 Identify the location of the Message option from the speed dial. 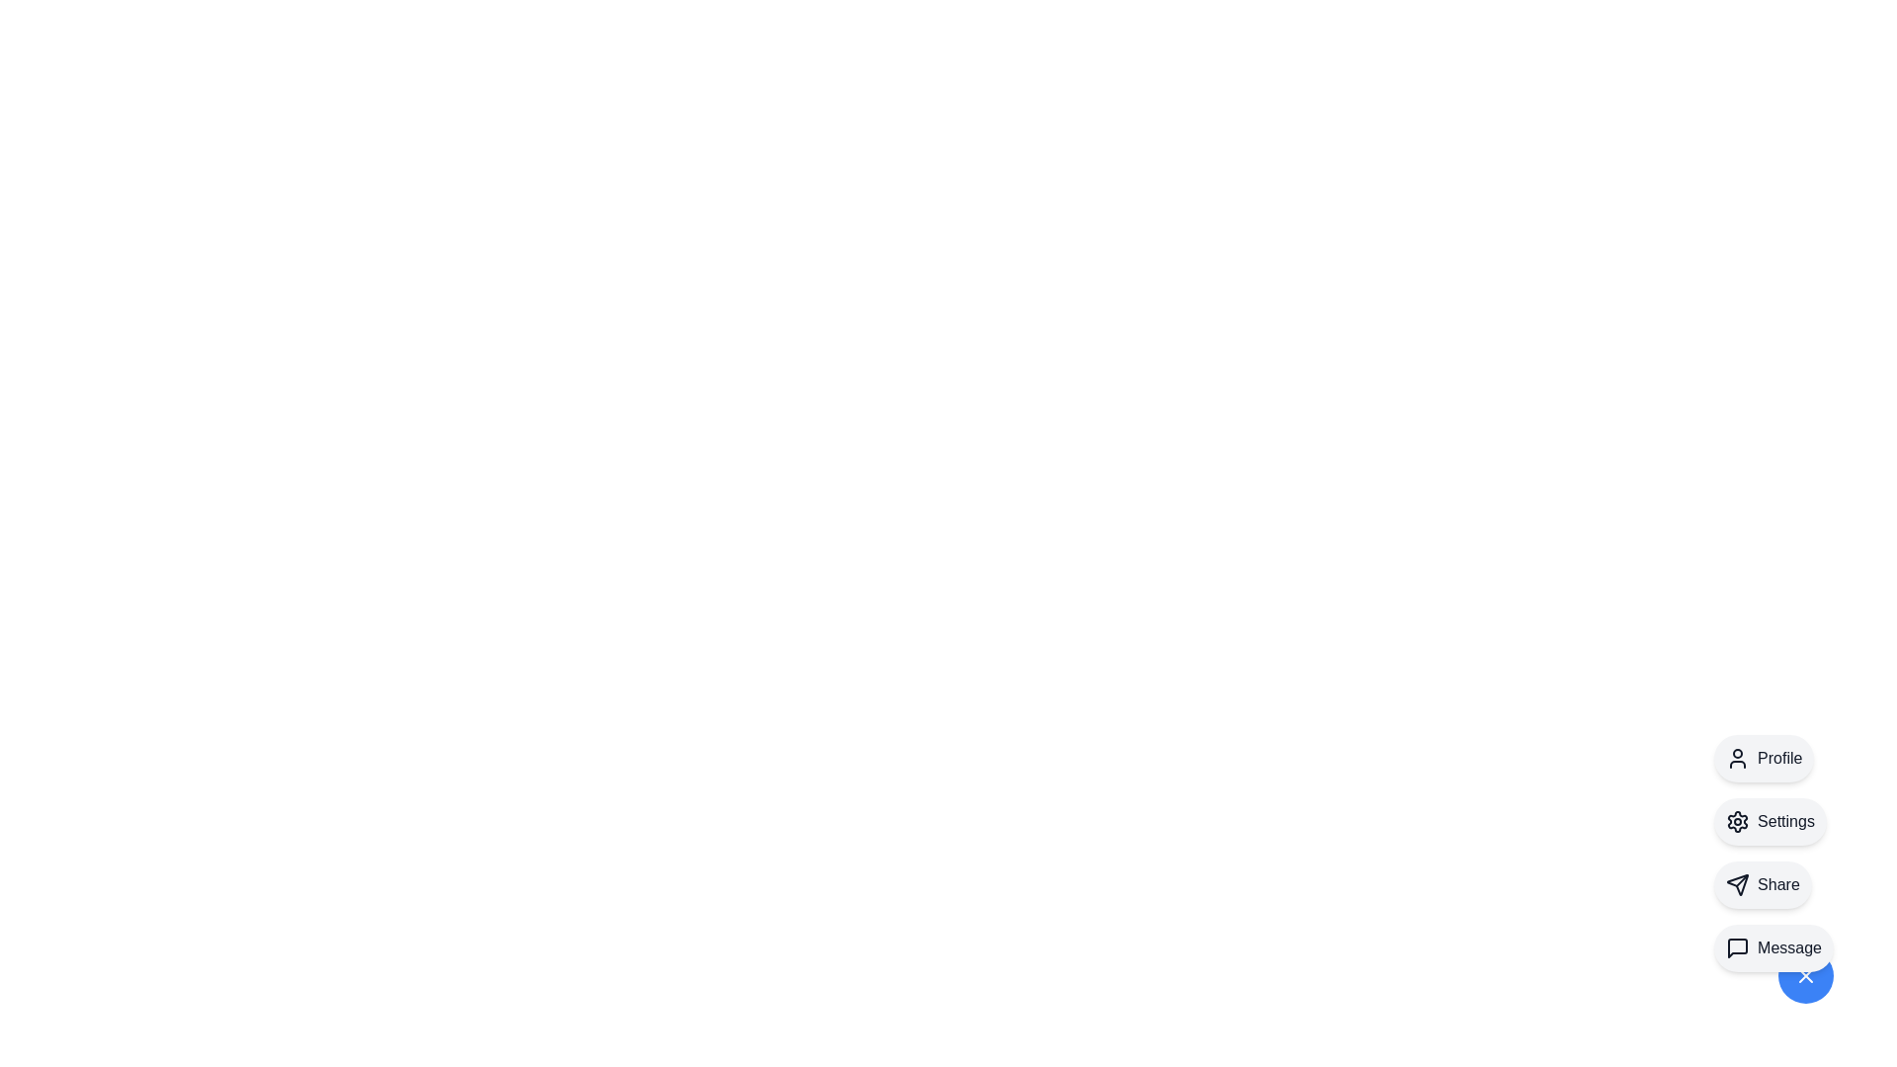
(1773, 947).